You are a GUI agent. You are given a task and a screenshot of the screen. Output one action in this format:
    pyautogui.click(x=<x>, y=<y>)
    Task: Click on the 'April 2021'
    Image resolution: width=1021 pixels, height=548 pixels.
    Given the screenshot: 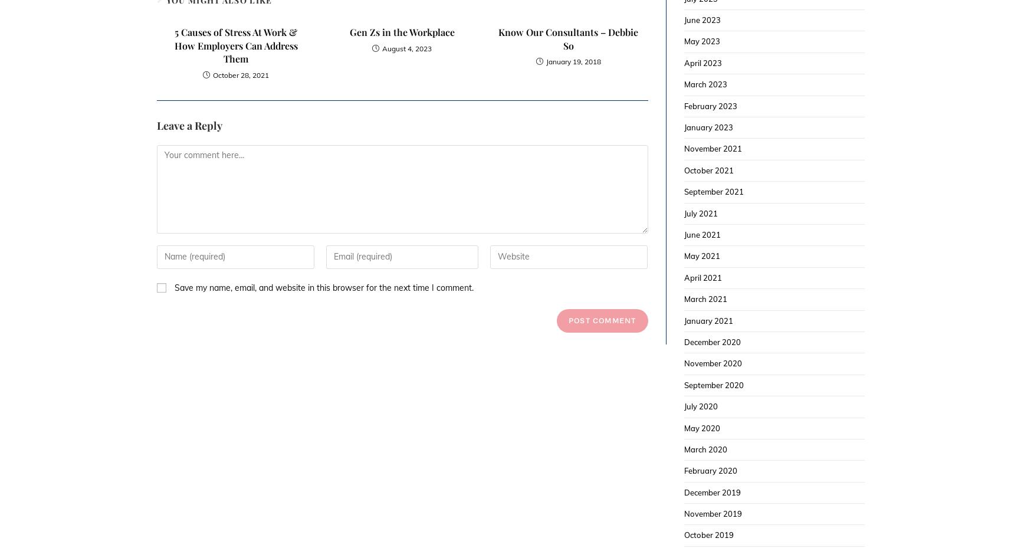 What is the action you would take?
    pyautogui.click(x=702, y=277)
    